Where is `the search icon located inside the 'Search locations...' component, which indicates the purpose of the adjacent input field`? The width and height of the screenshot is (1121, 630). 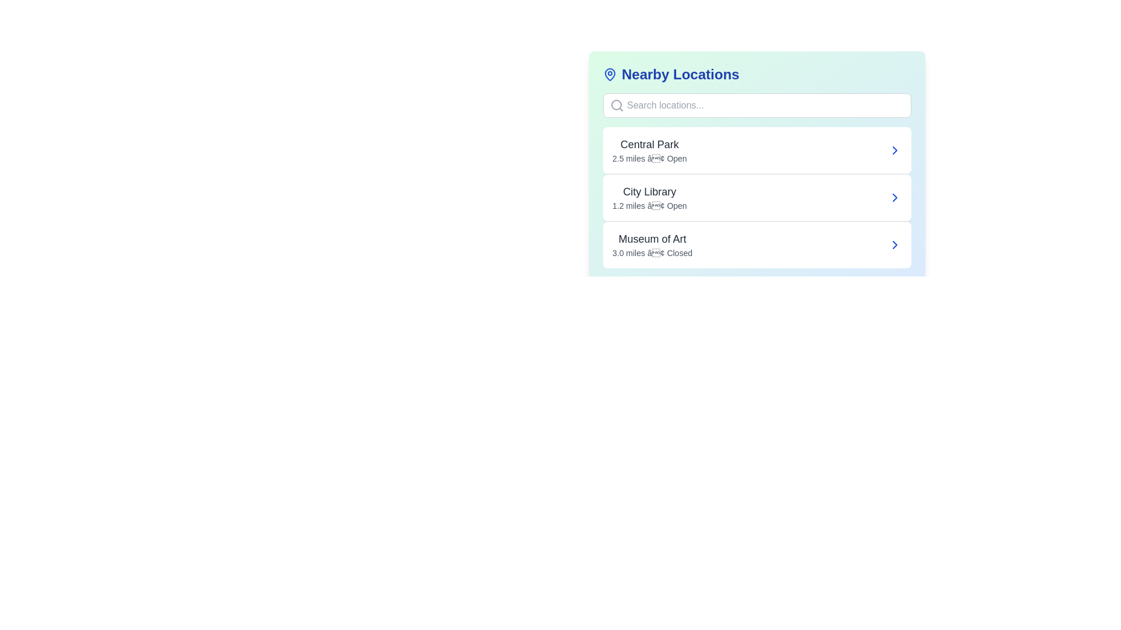 the search icon located inside the 'Search locations...' component, which indicates the purpose of the adjacent input field is located at coordinates (616, 106).